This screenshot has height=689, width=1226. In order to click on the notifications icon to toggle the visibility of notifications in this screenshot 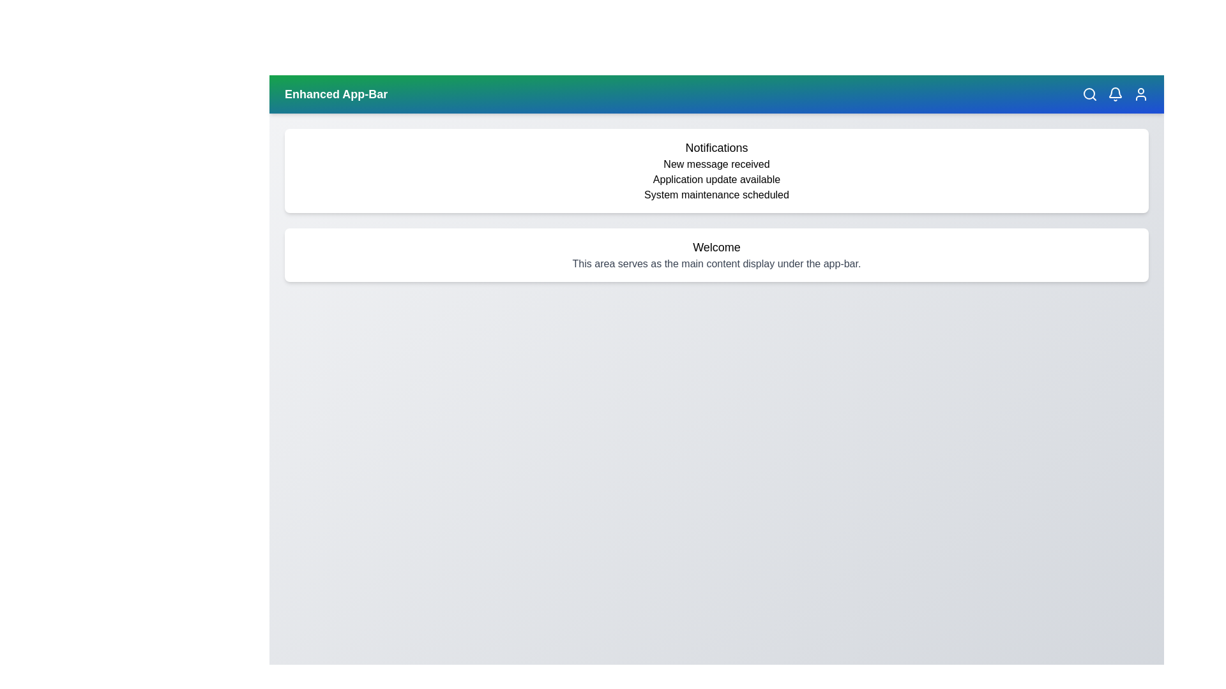, I will do `click(1115, 93)`.